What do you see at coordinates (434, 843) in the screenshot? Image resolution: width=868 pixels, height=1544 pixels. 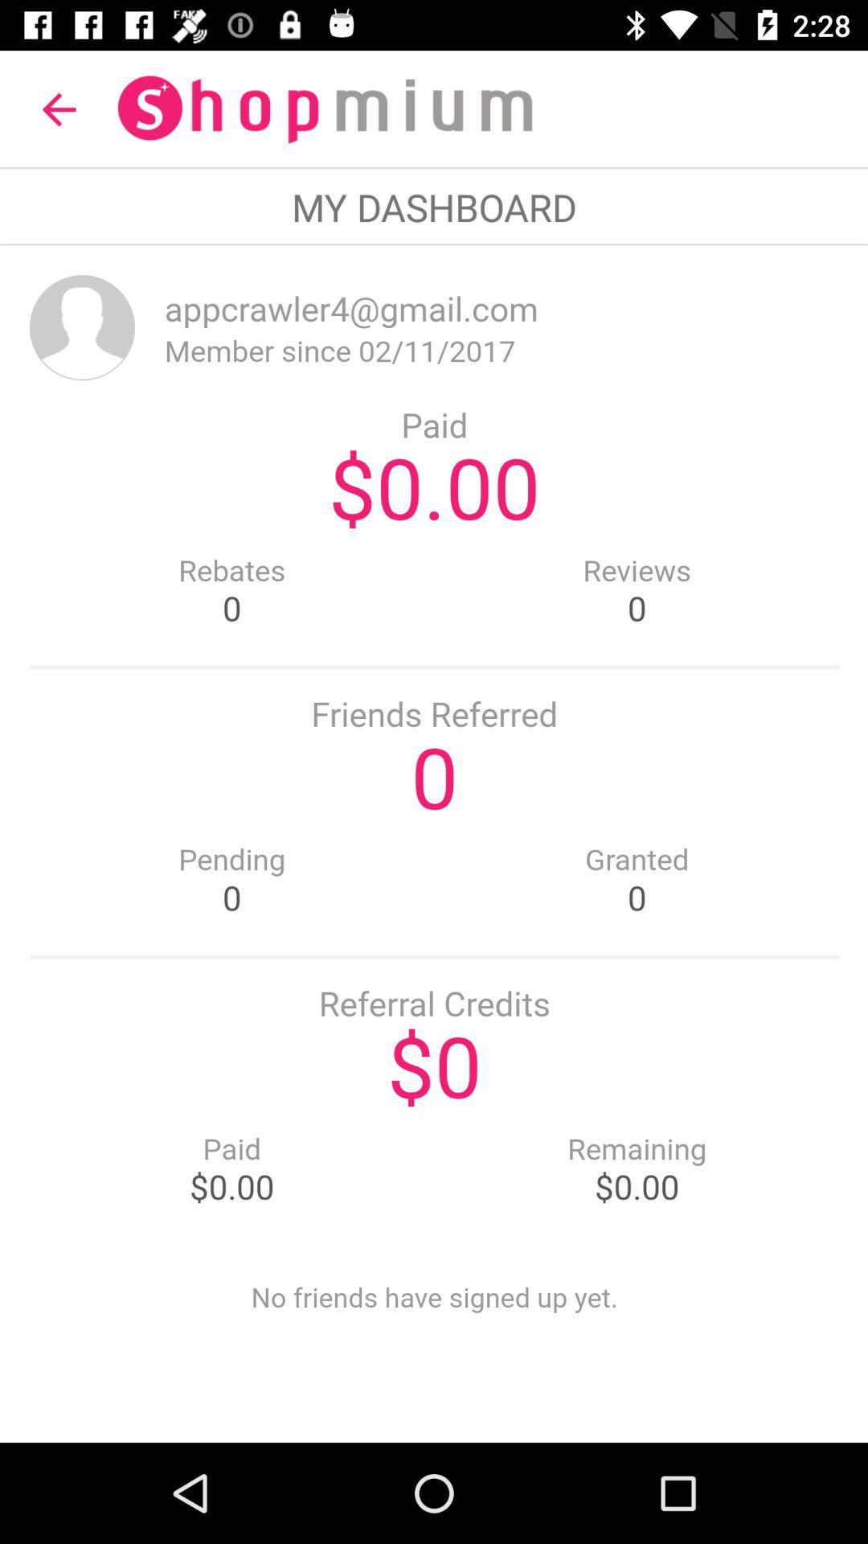 I see `account summary dashboard` at bounding box center [434, 843].